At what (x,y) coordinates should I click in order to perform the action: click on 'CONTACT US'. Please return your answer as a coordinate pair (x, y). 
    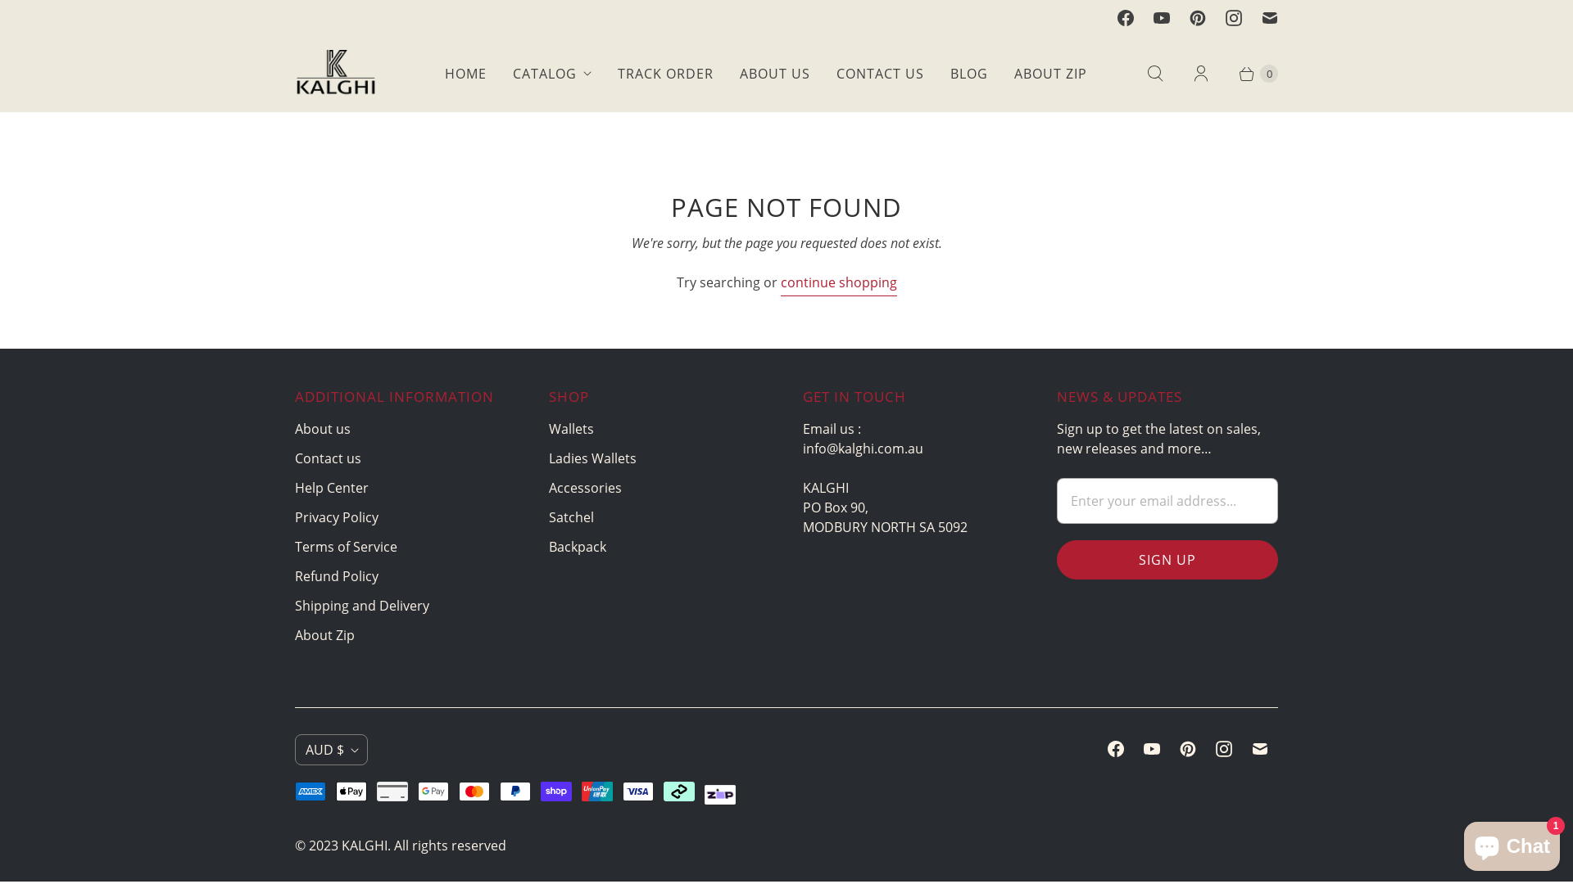
    Looking at the image, I should click on (879, 72).